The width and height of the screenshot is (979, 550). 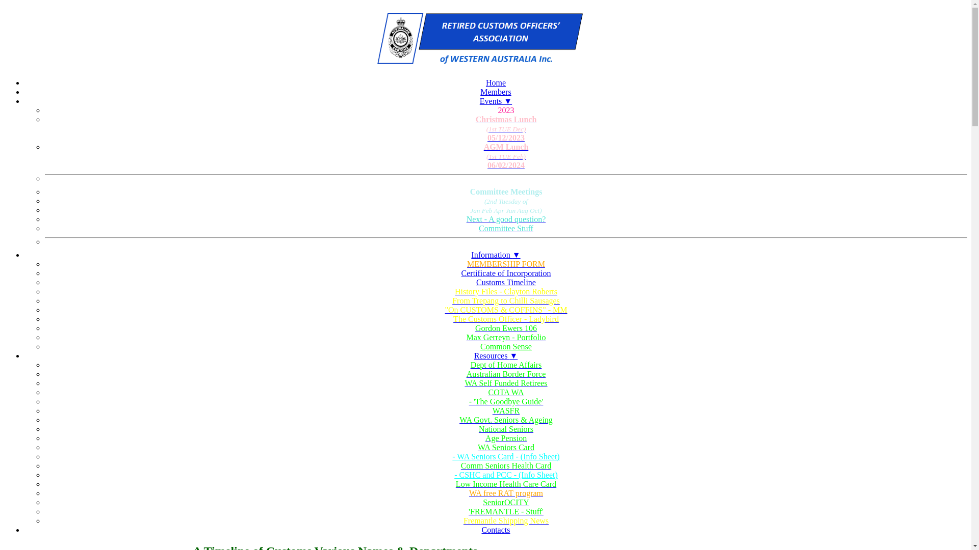 I want to click on 'Common Sense', so click(x=506, y=346).